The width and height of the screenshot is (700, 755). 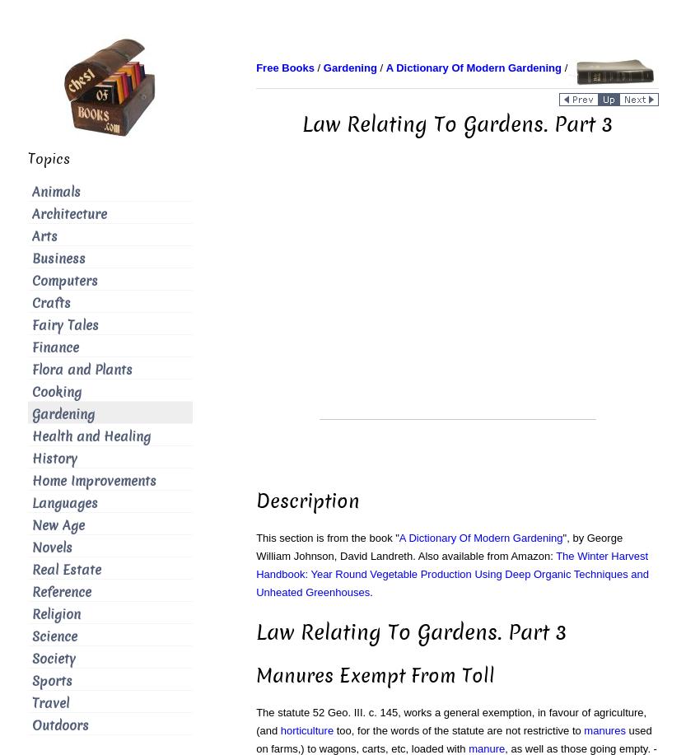 I want to click on 'The Winter Harvest Handbook: Year Round Vegetable Production Using Deep Organic Techniques and Unheated Greenhouses', so click(x=451, y=574).